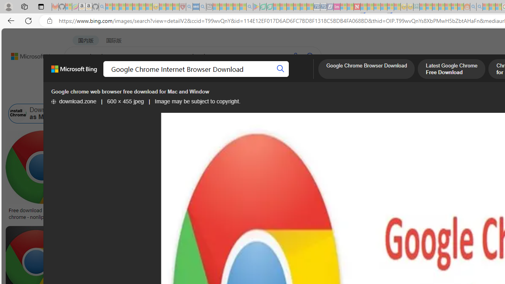  Describe the element at coordinates (366, 69) in the screenshot. I see `'Google Chrome Browser Download'` at that location.